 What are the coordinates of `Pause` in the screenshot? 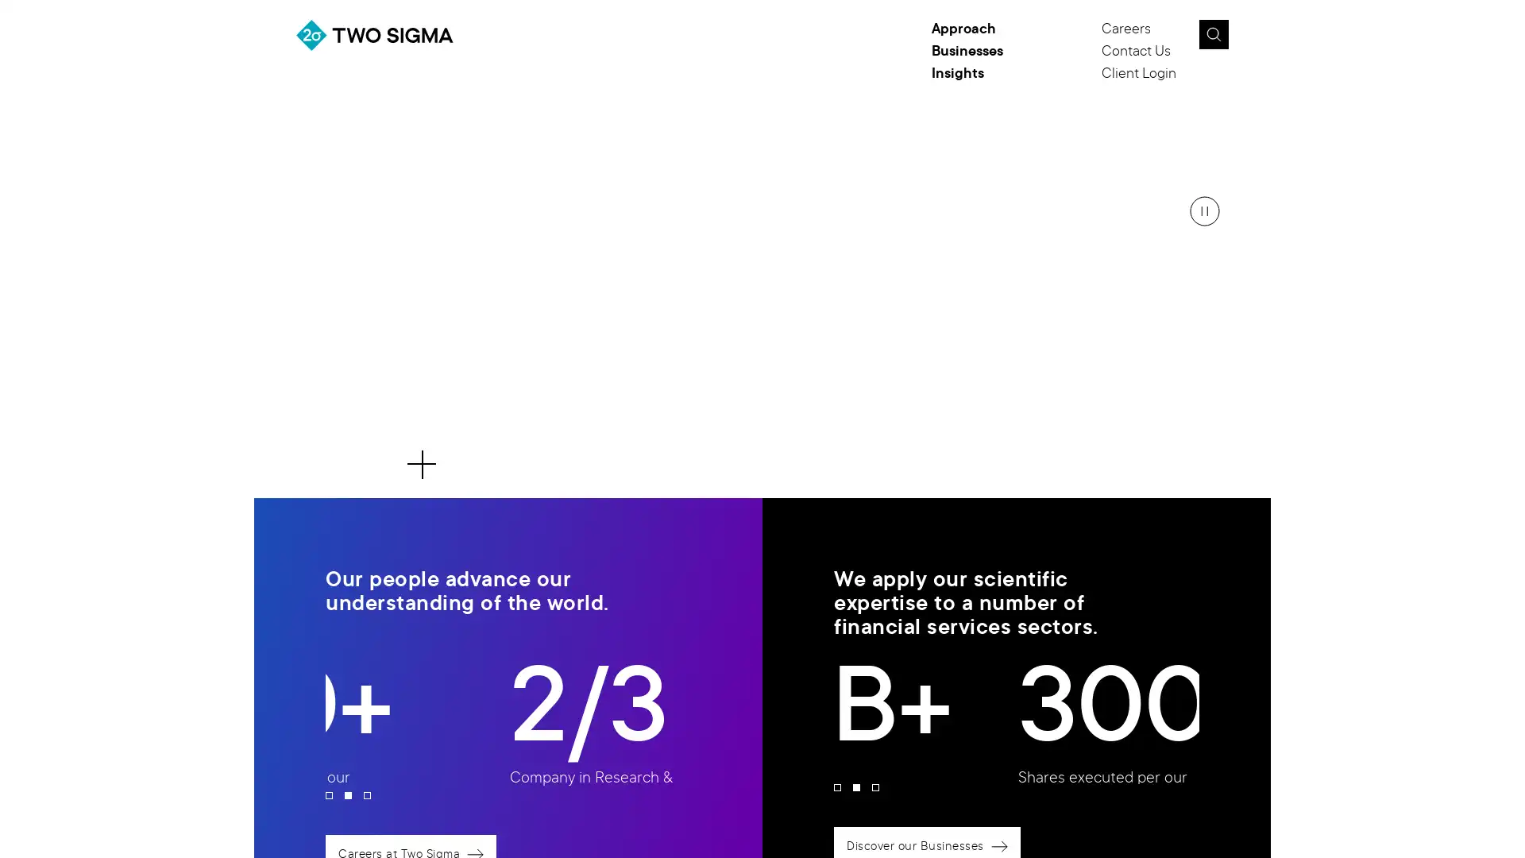 It's located at (1204, 211).